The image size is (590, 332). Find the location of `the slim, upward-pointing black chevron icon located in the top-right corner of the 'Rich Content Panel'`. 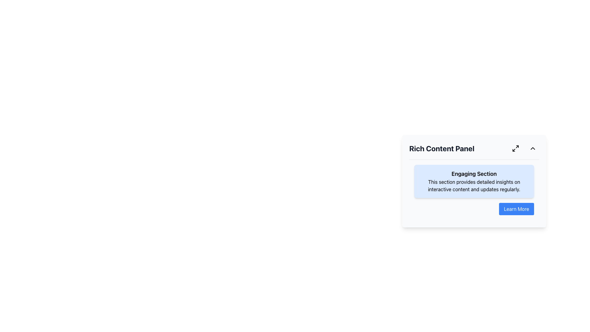

the slim, upward-pointing black chevron icon located in the top-right corner of the 'Rich Content Panel' is located at coordinates (532, 148).